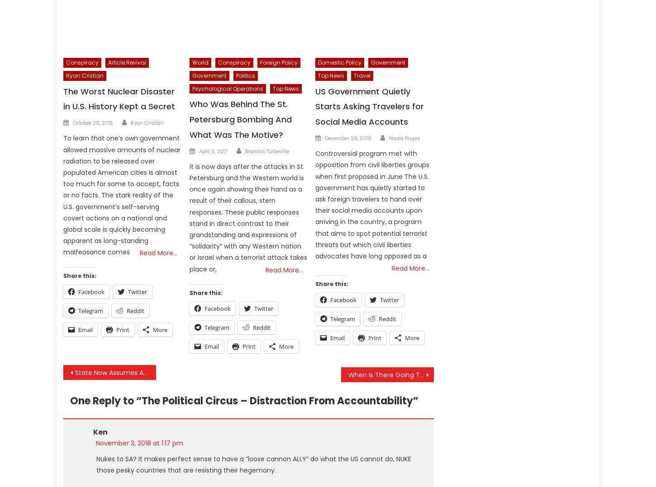 The image size is (656, 487). I want to click on 'One Reply to “', so click(105, 401).